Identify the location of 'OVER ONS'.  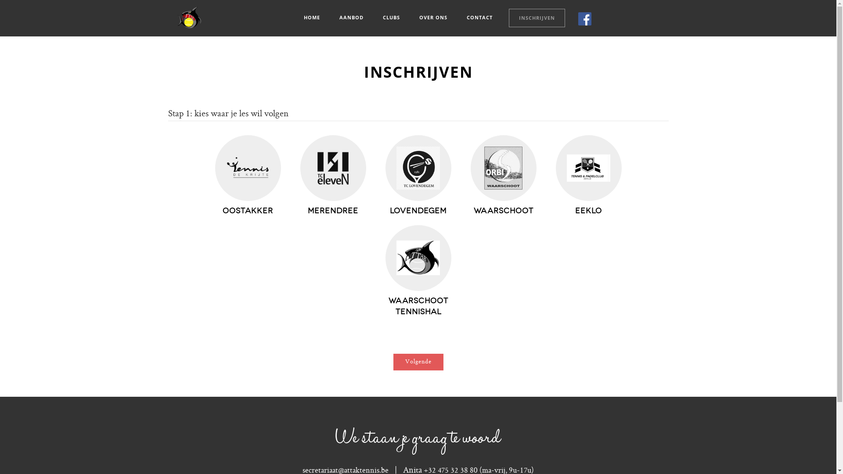
(408, 17).